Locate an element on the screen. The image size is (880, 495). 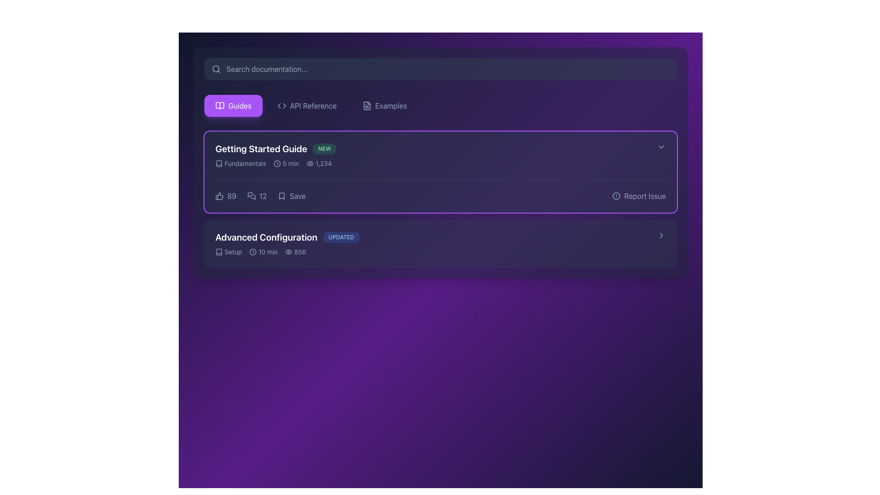
one of the items in the Navigation Menu, which serves is located at coordinates (440, 105).